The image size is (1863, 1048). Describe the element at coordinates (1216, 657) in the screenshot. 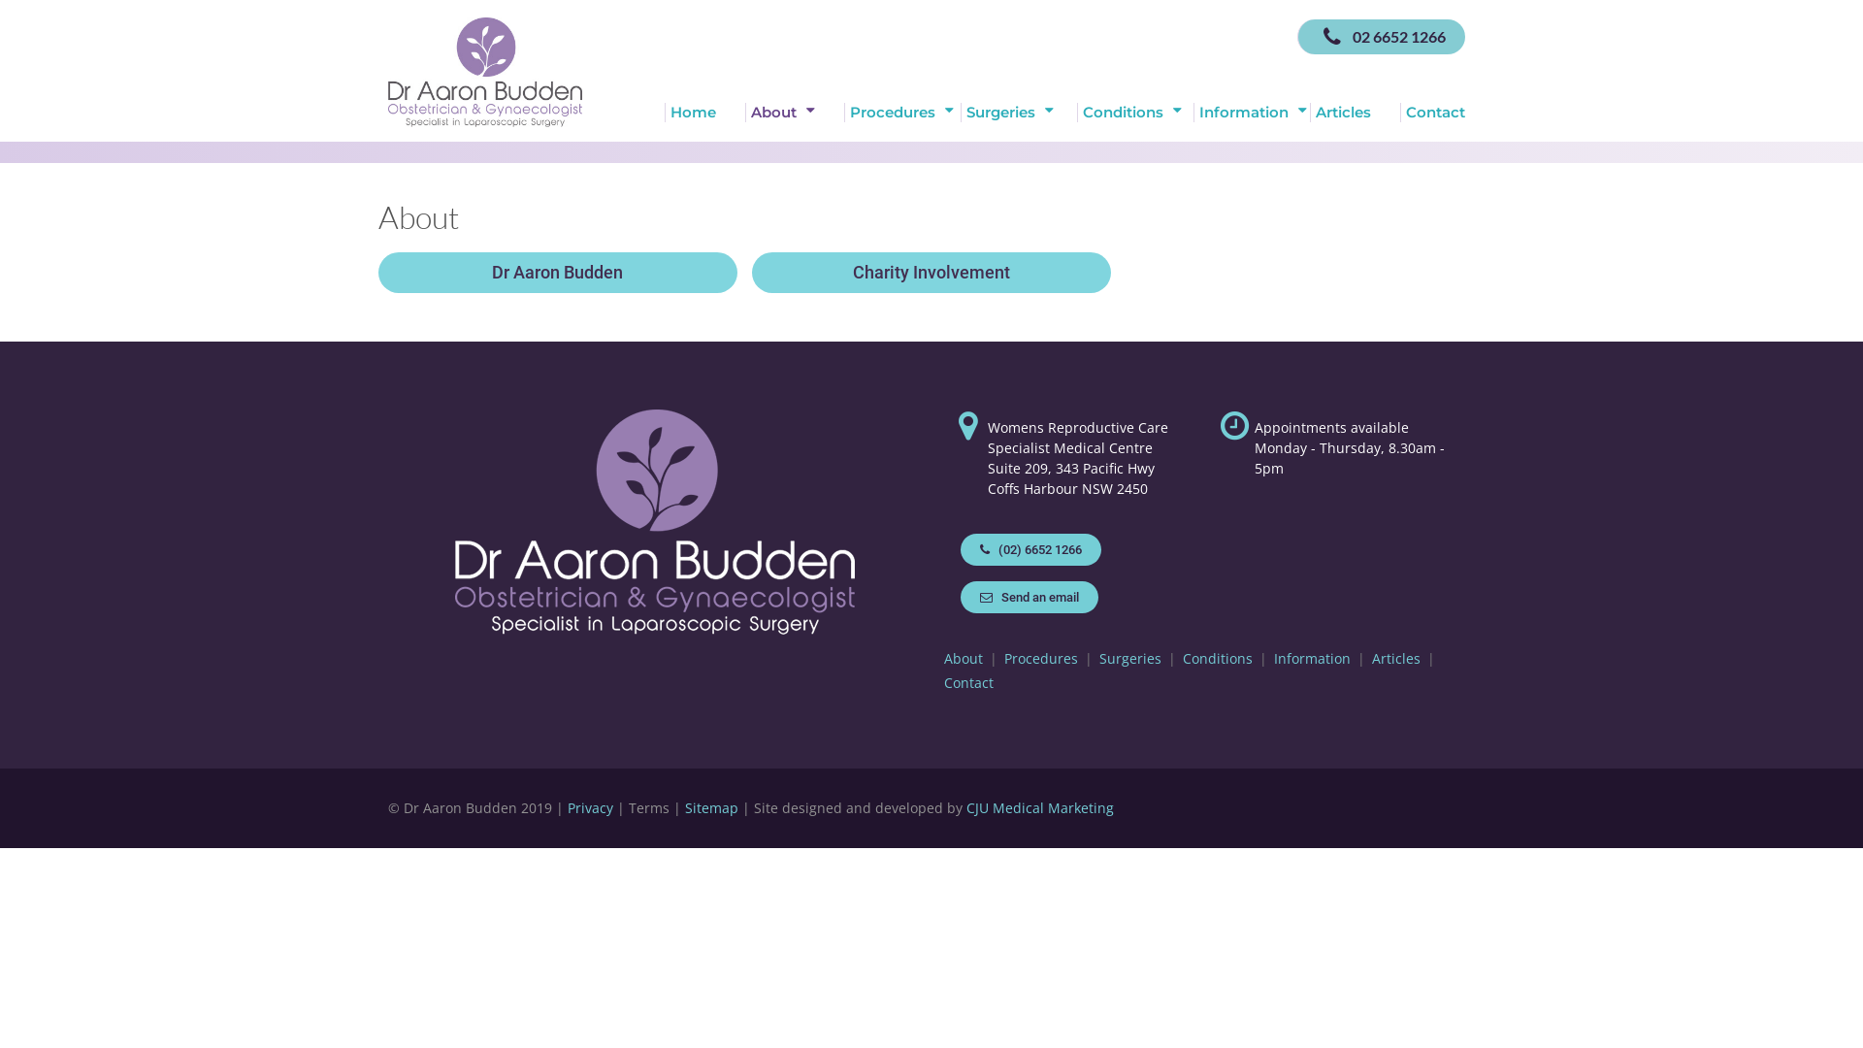

I see `'Conditions'` at that location.